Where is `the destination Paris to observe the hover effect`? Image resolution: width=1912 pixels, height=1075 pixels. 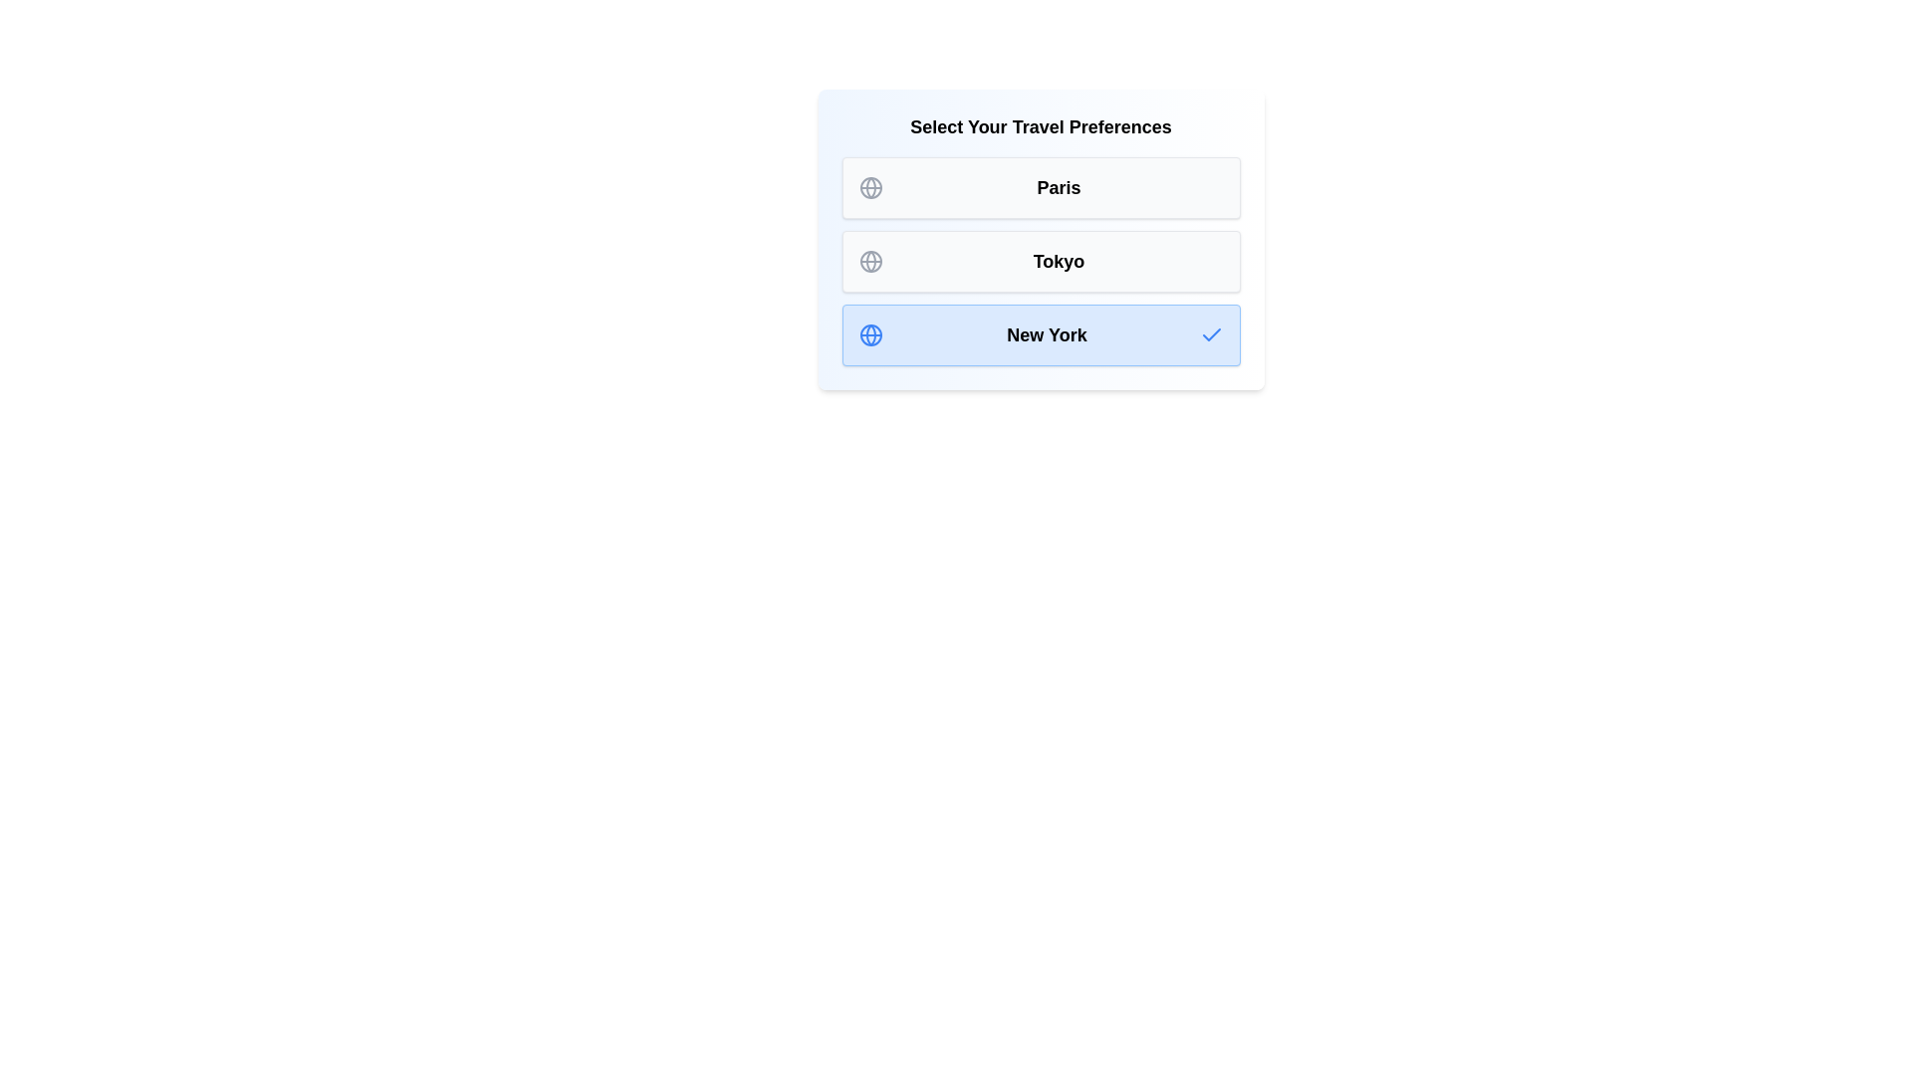
the destination Paris to observe the hover effect is located at coordinates (1040, 188).